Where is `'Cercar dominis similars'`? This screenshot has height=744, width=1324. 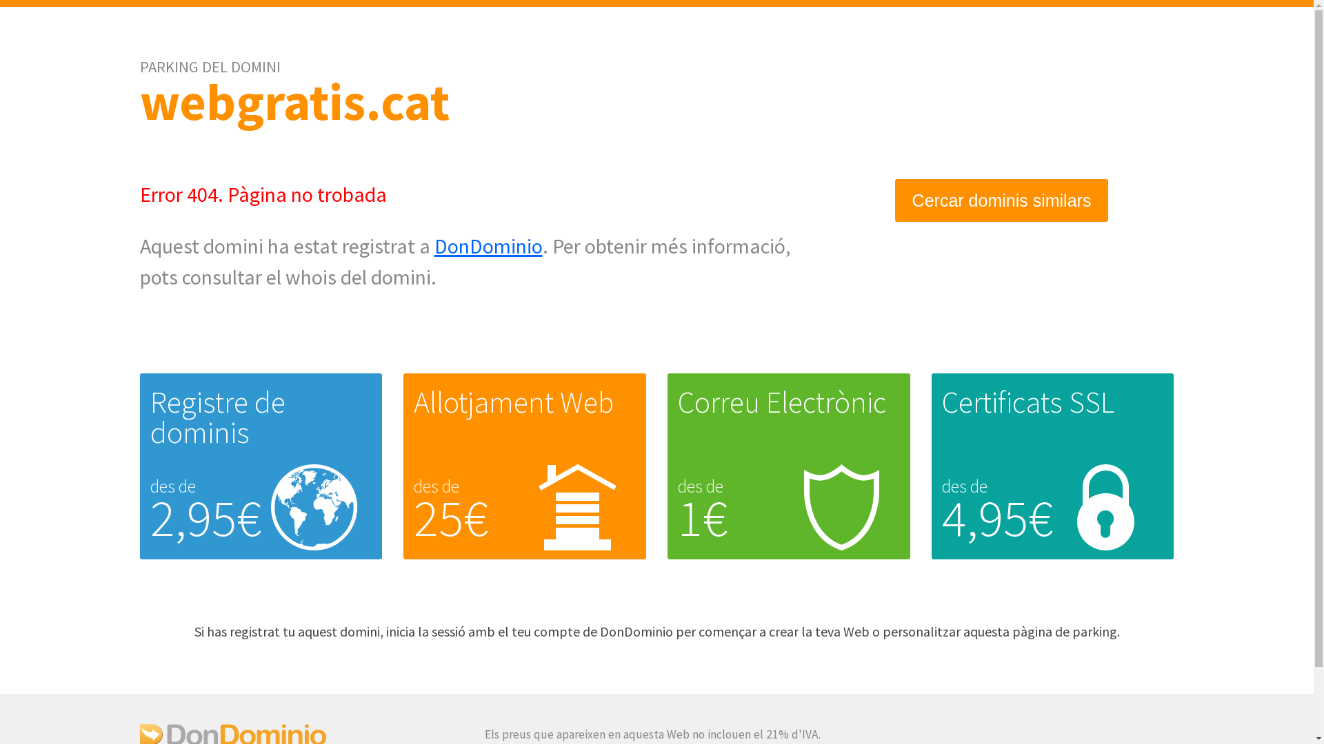 'Cercar dominis similars' is located at coordinates (1002, 200).